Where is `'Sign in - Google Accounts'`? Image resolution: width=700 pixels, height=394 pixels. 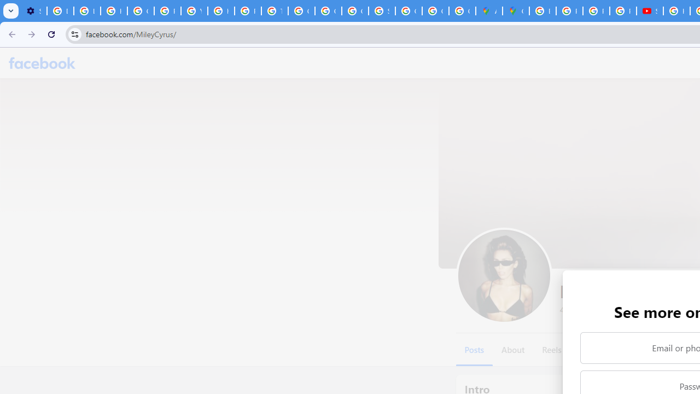
'Sign in - Google Accounts' is located at coordinates (382, 11).